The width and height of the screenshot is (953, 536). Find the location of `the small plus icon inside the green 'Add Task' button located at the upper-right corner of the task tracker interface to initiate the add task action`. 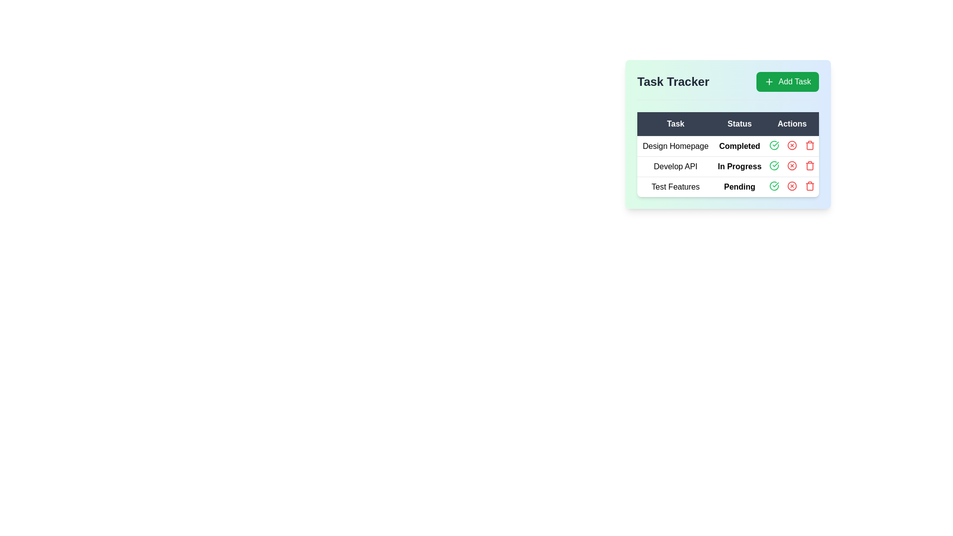

the small plus icon inside the green 'Add Task' button located at the upper-right corner of the task tracker interface to initiate the add task action is located at coordinates (769, 81).